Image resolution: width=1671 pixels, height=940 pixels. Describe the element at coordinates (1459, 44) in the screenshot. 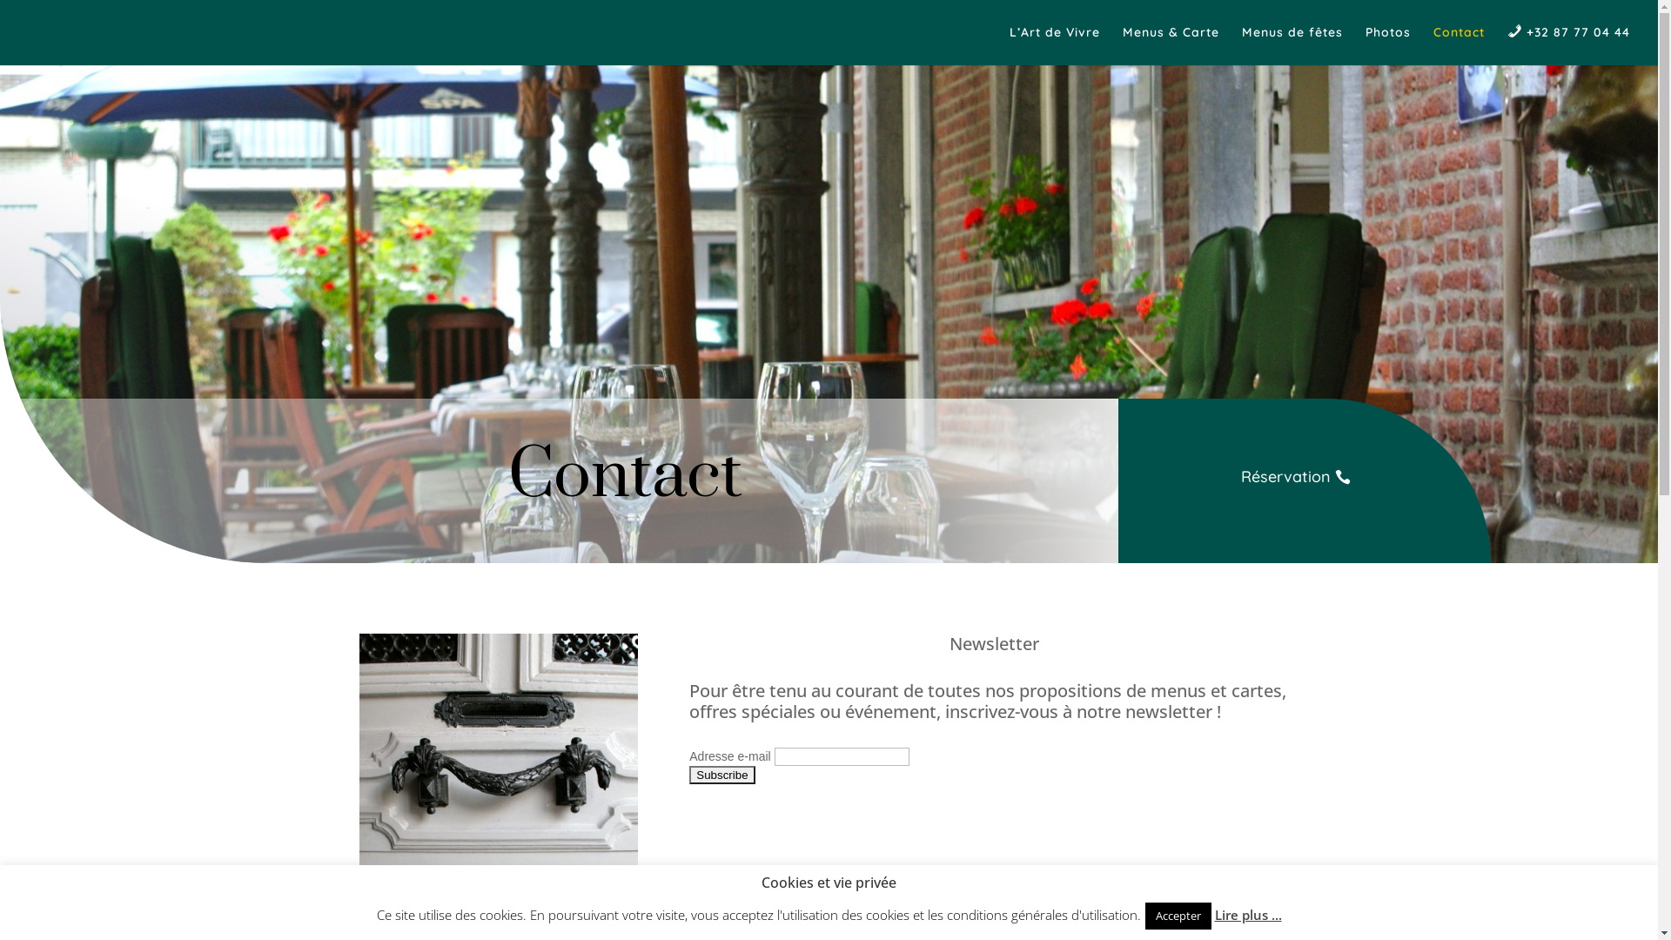

I see `'Contact'` at that location.